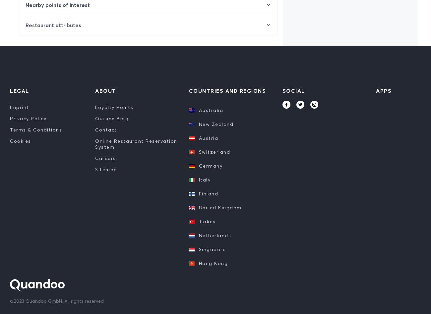  Describe the element at coordinates (207, 221) in the screenshot. I see `'Turkey'` at that location.